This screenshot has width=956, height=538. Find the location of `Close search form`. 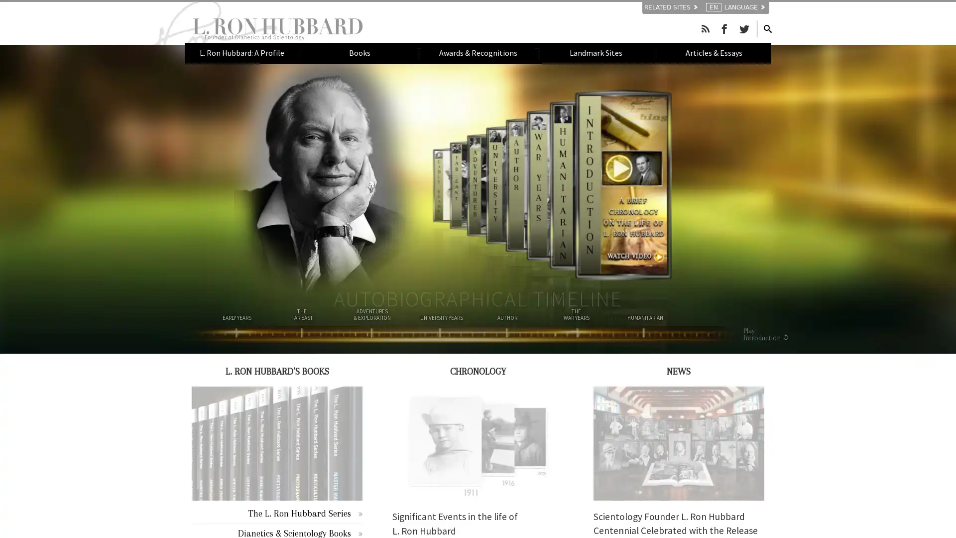

Close search form is located at coordinates (757, 27).